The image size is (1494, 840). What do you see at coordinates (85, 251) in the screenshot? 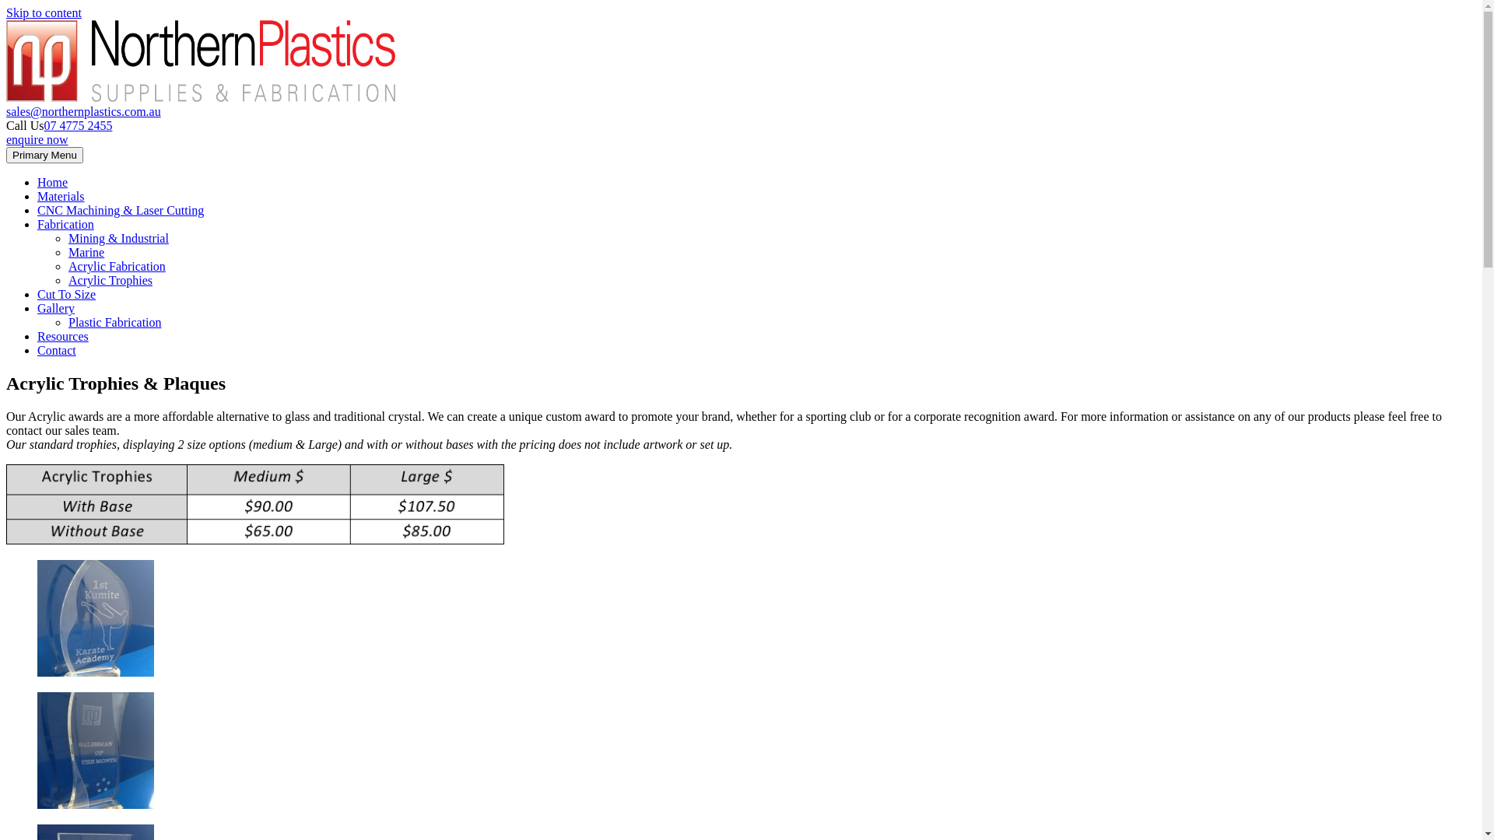
I see `'Marine'` at bounding box center [85, 251].